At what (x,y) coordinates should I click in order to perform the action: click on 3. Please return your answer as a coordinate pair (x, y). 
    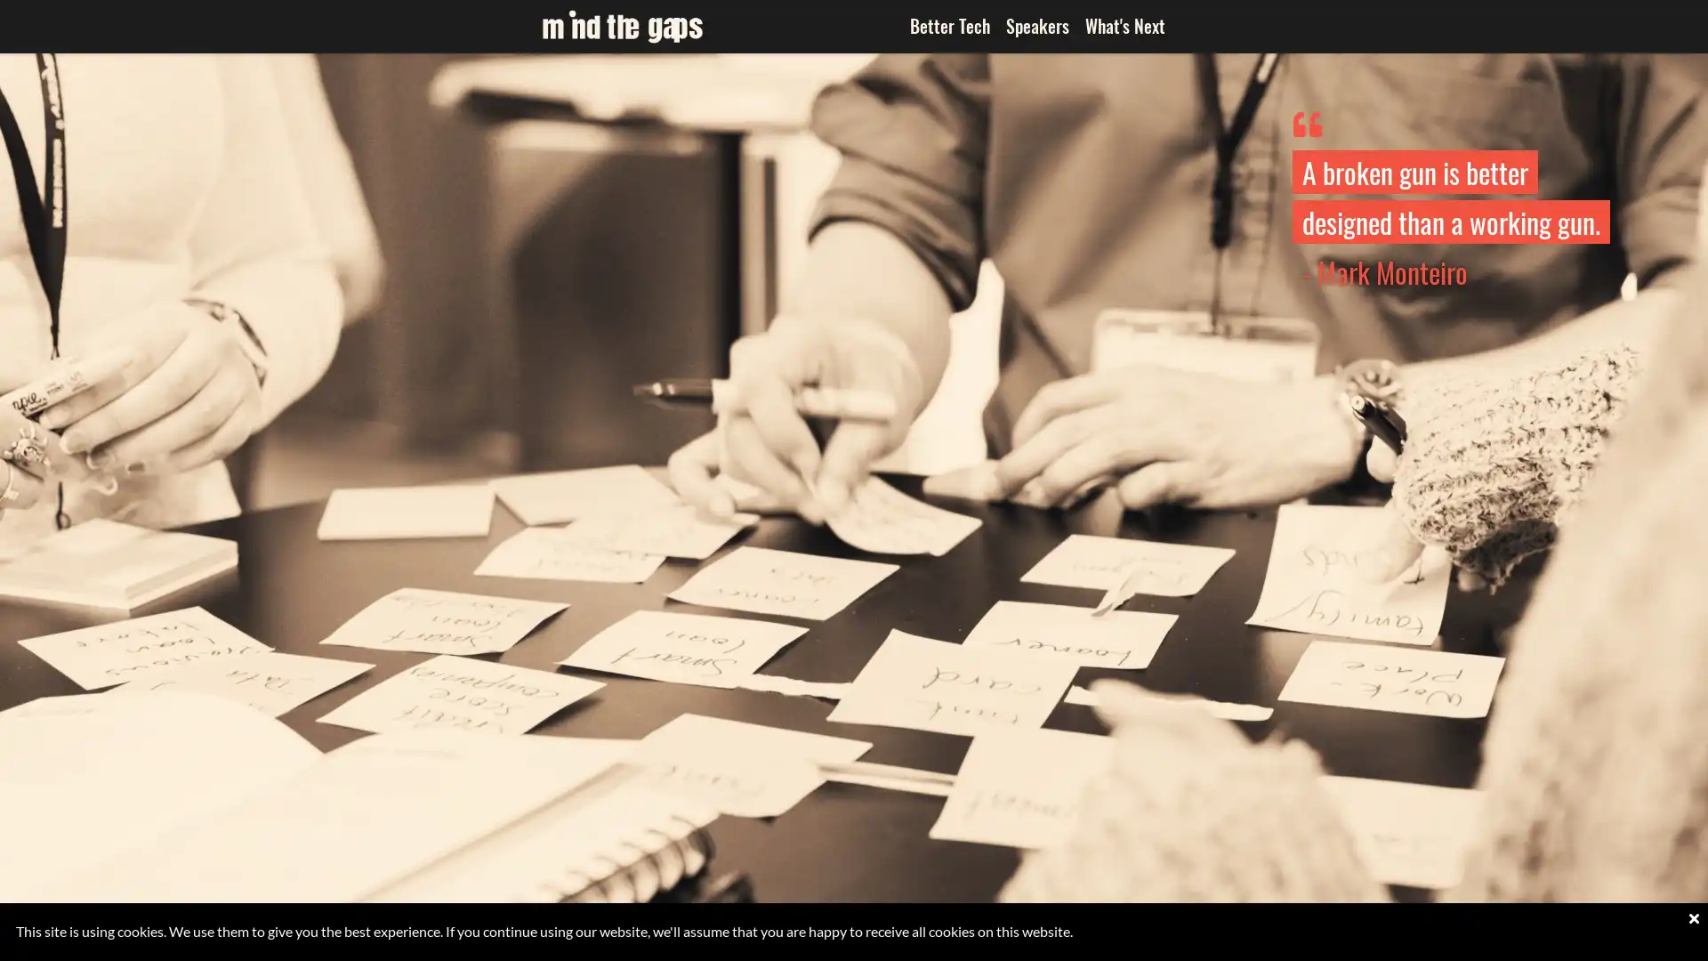
    Looking at the image, I should click on (854, 941).